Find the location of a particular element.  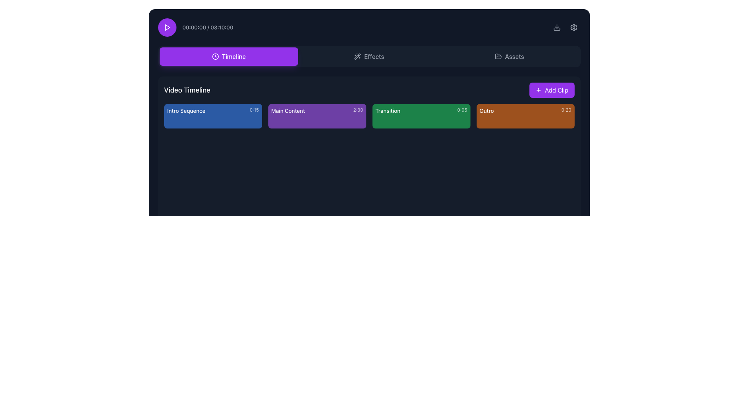

the purple circular button with a white triangular play icon is located at coordinates (167, 27).